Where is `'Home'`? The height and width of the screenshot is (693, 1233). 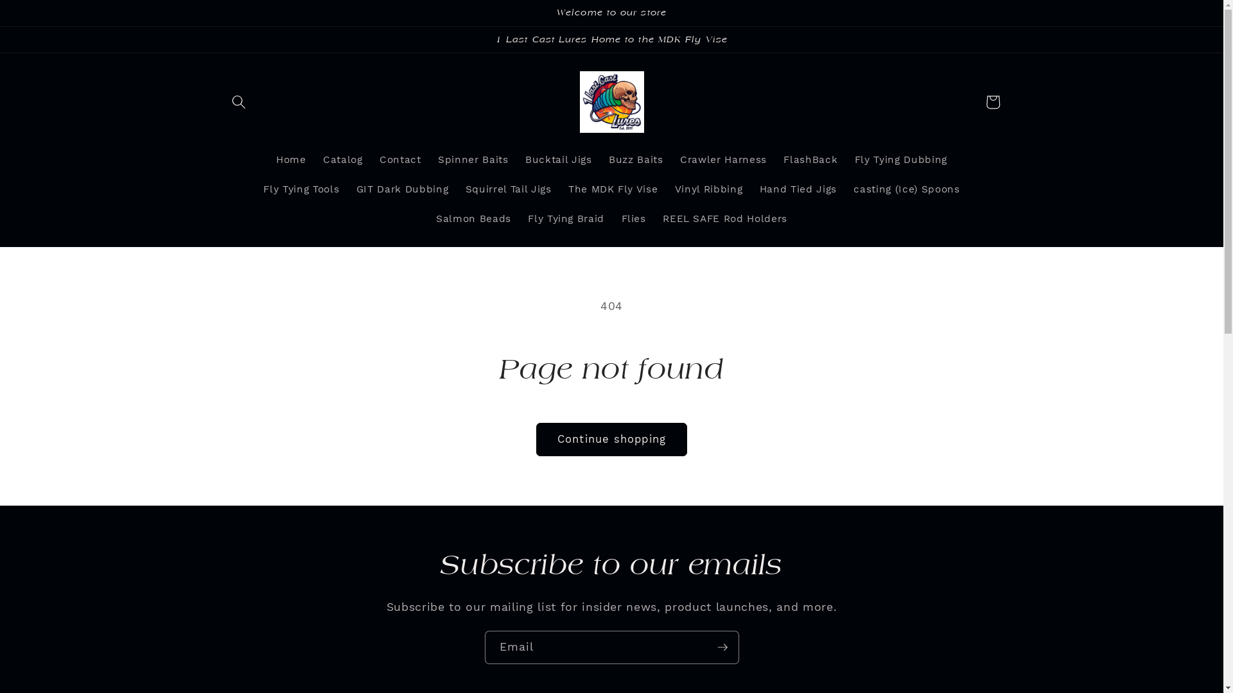
'Home' is located at coordinates (290, 160).